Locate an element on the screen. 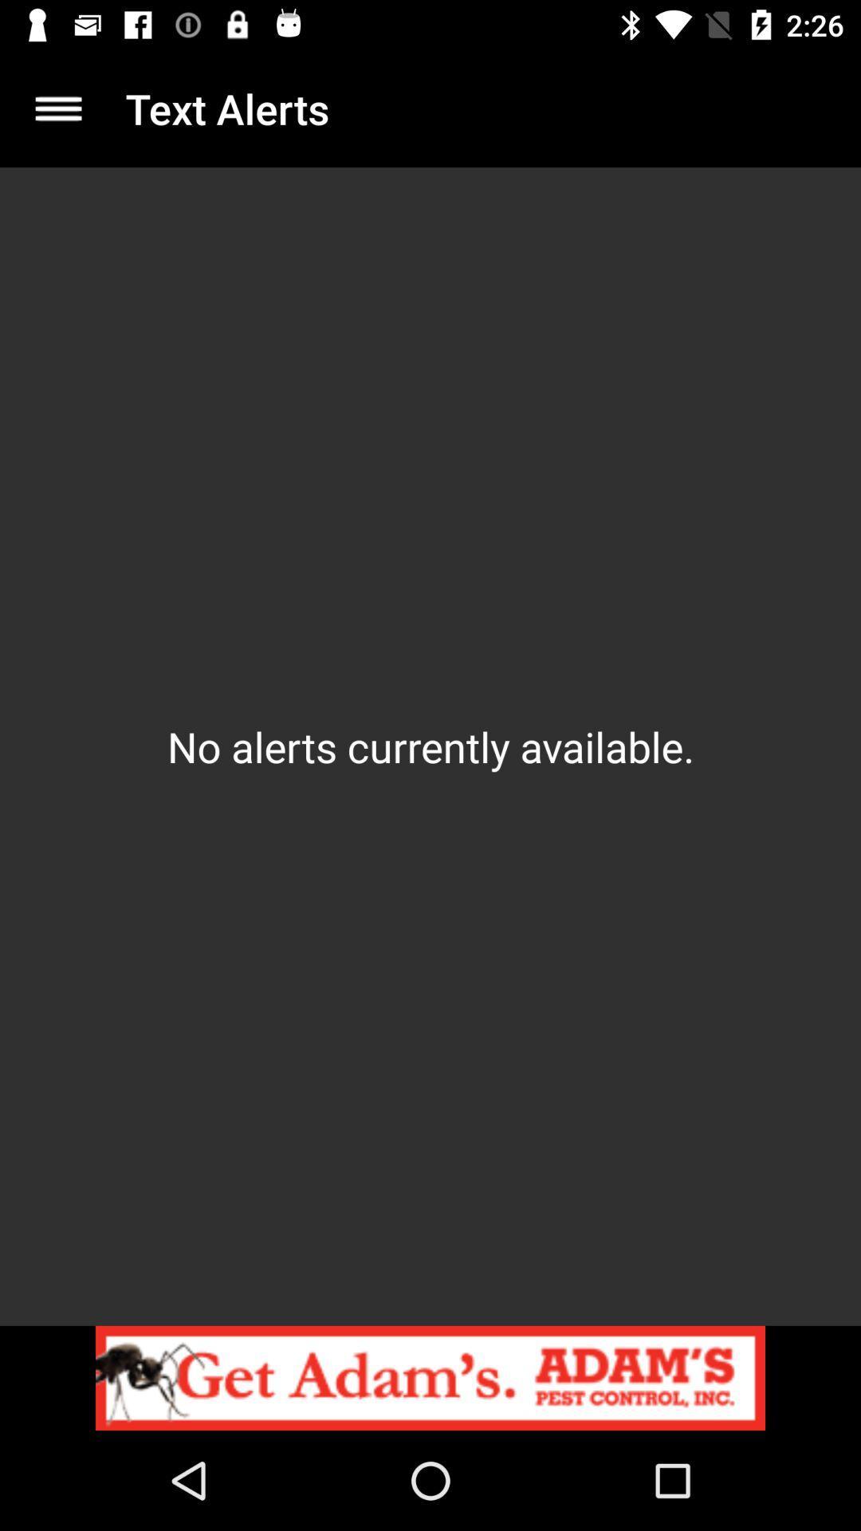 The width and height of the screenshot is (861, 1531). the menu icon is located at coordinates (57, 108).